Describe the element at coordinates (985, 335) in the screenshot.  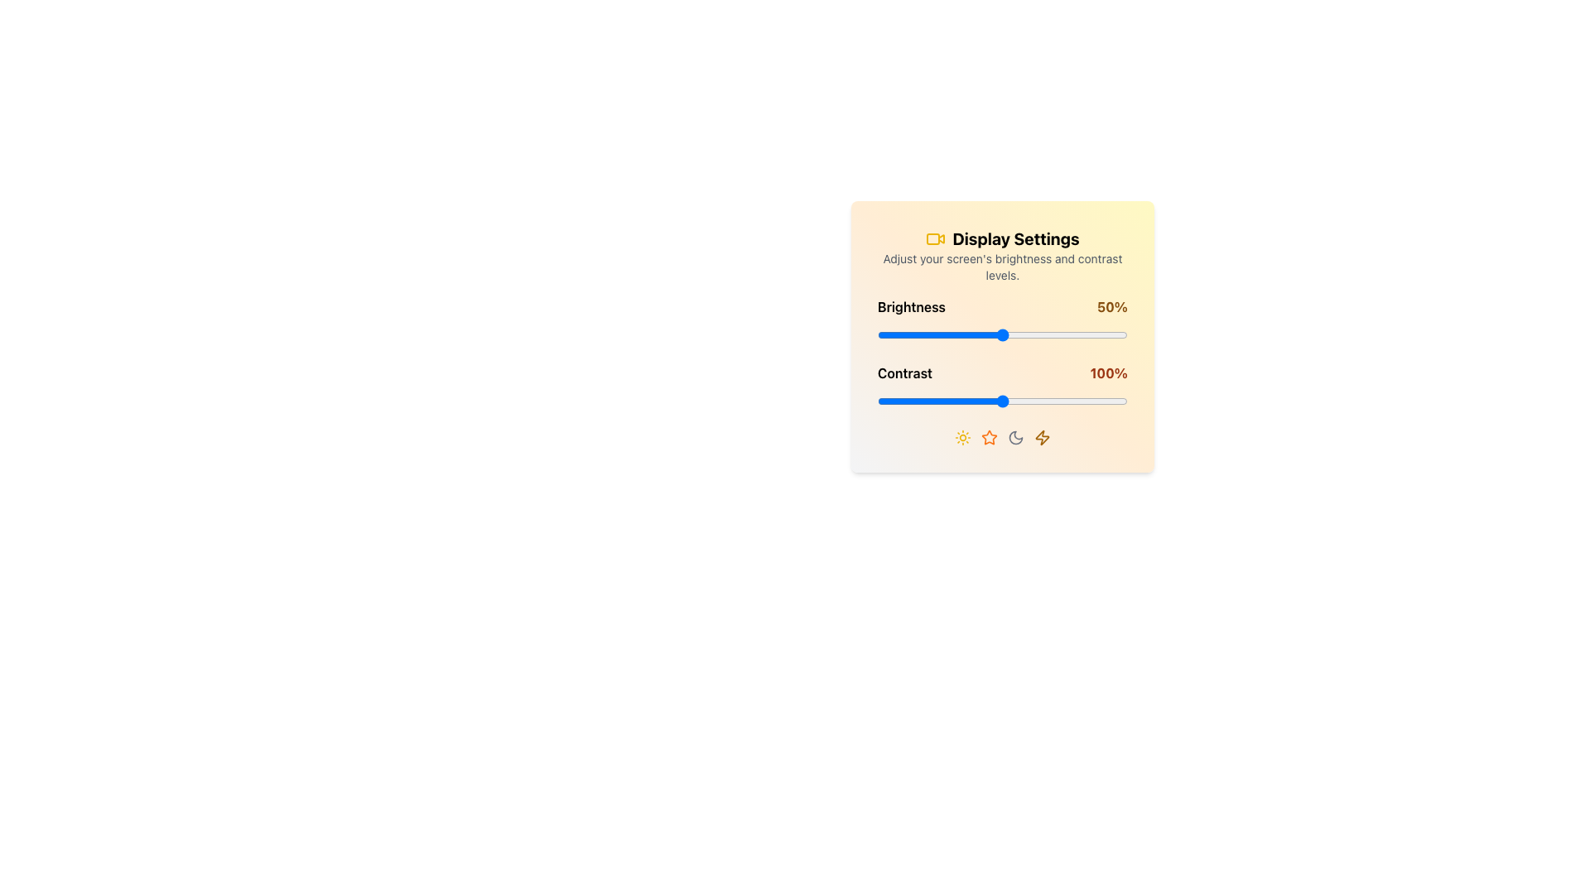
I see `brightness` at that location.